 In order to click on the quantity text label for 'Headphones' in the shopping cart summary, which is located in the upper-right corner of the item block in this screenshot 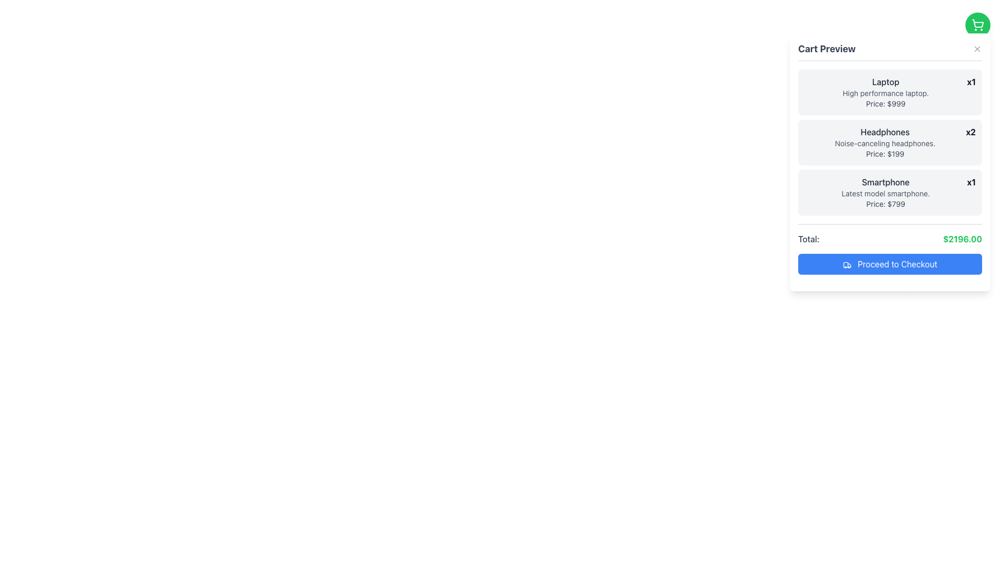, I will do `click(970, 132)`.